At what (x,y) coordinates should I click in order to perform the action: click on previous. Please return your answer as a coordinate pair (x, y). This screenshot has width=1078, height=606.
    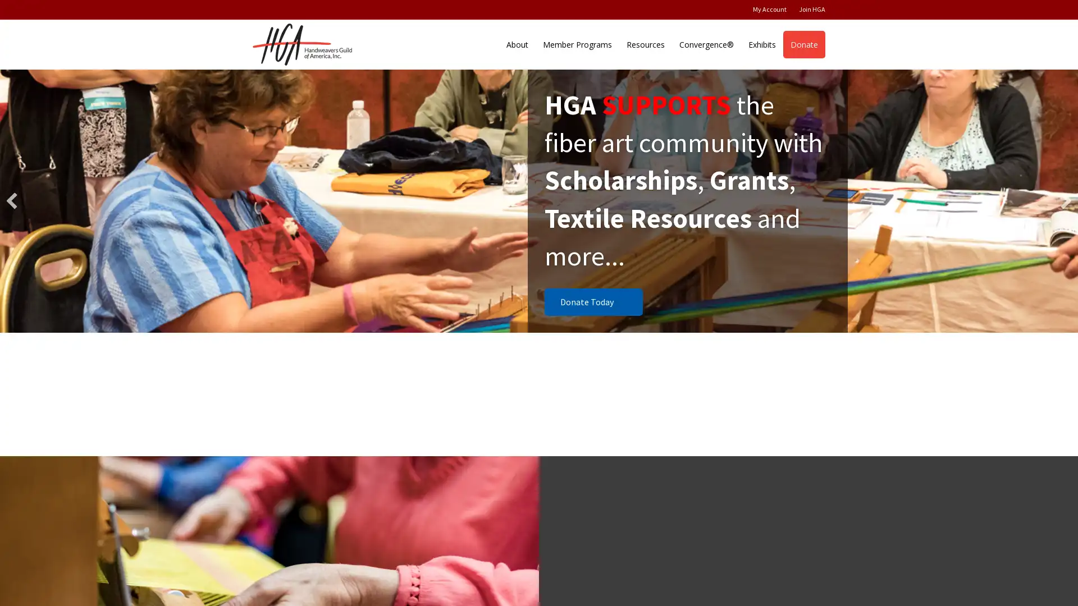
    Looking at the image, I should click on (11, 200).